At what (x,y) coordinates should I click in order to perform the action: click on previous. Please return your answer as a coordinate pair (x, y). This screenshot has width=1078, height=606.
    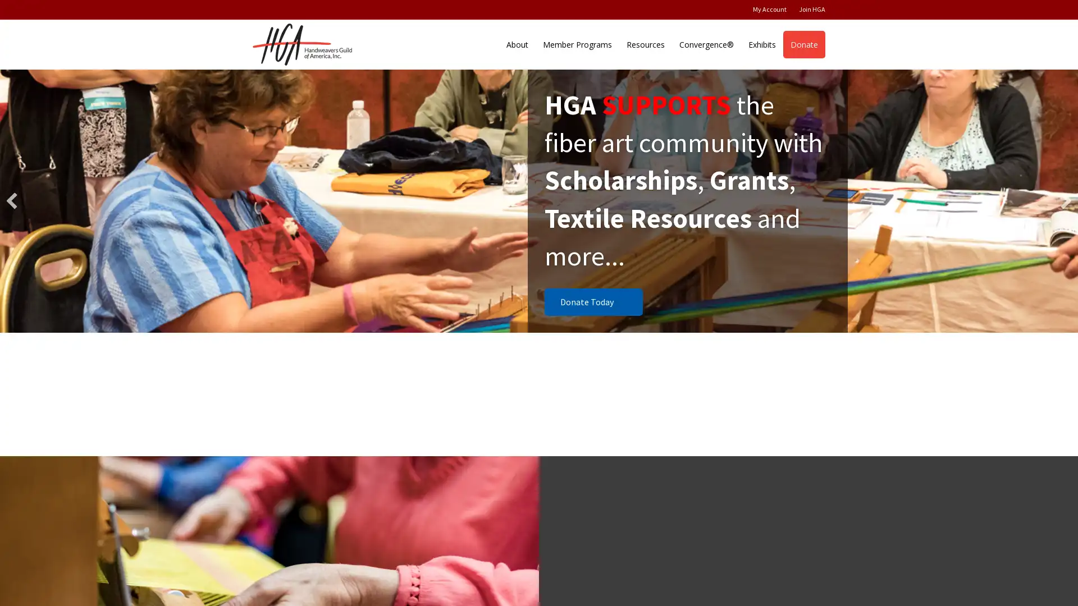
    Looking at the image, I should click on (11, 200).